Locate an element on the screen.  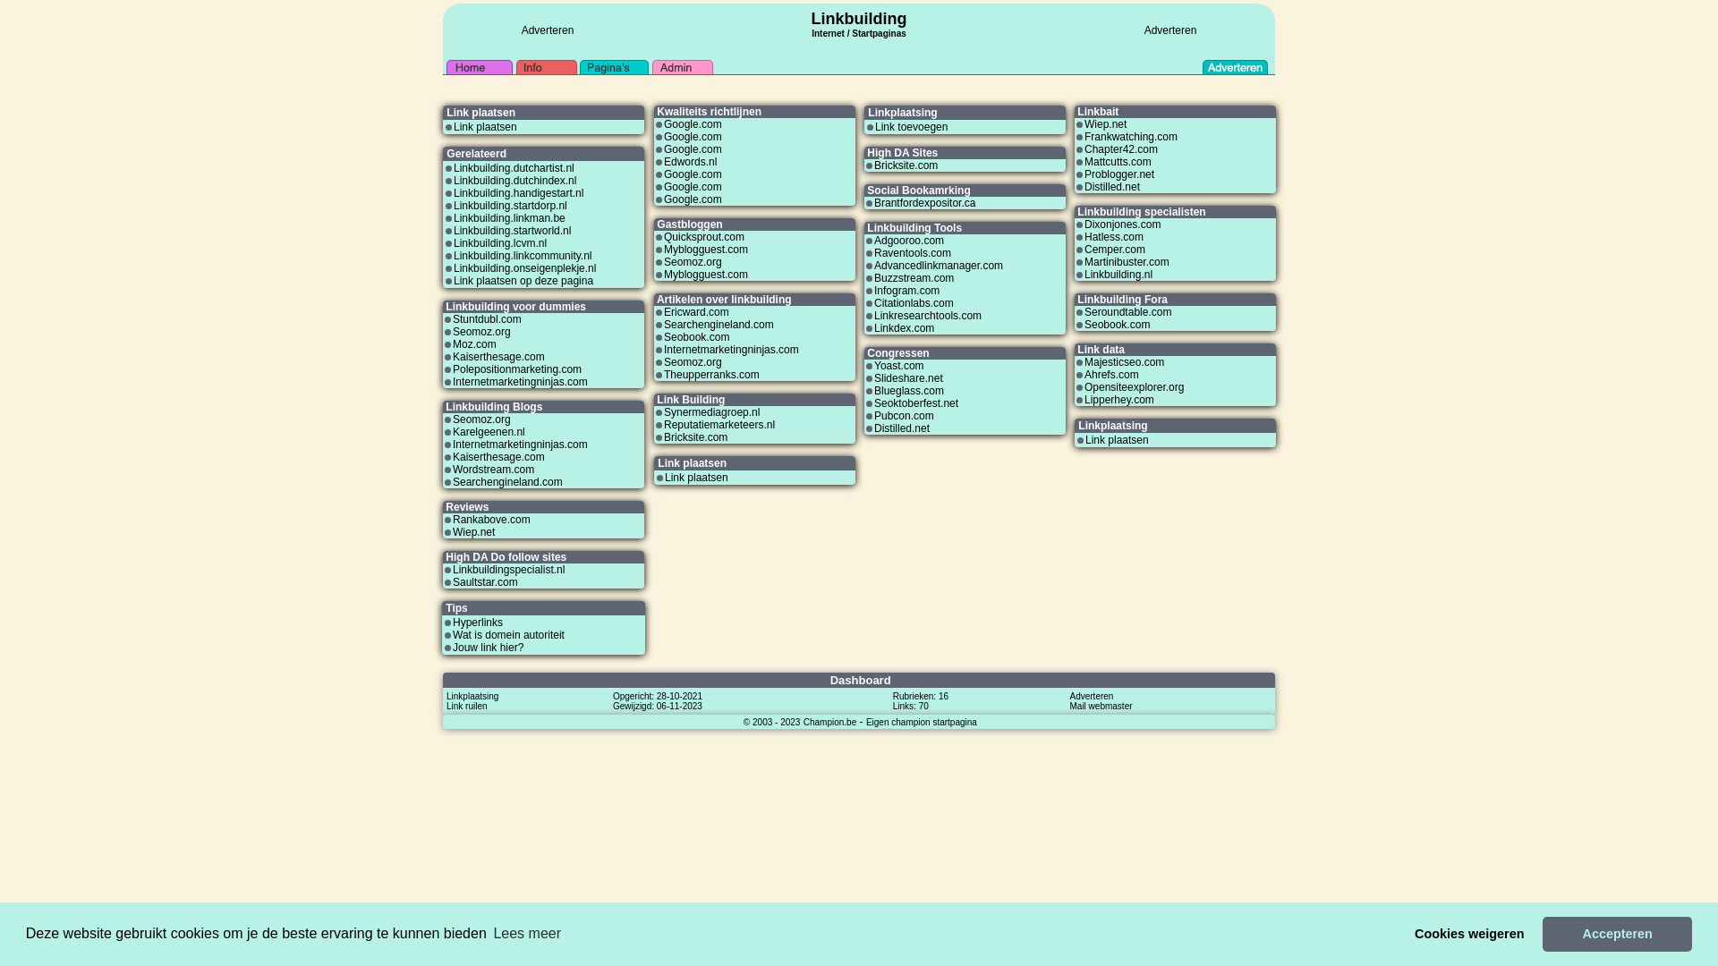
'Problogger.net' is located at coordinates (1118, 174).